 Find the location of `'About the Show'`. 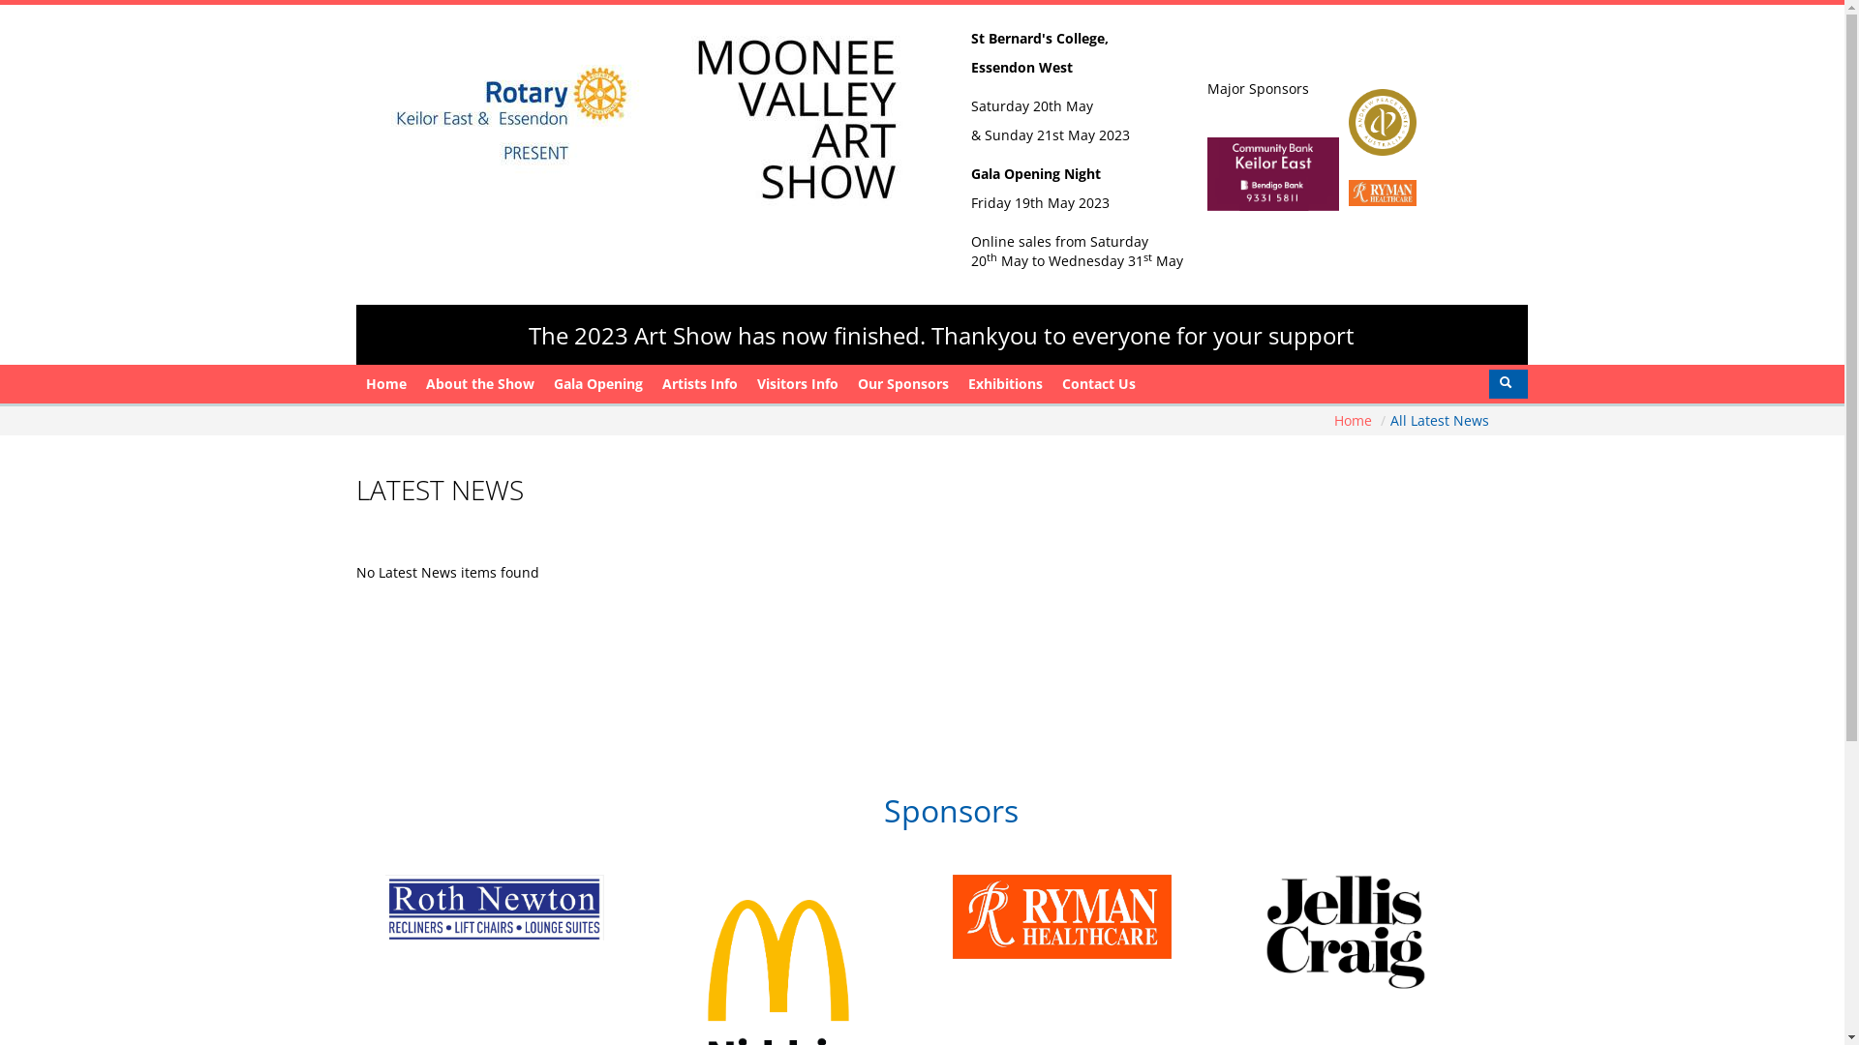

'About the Show' is located at coordinates (415, 384).